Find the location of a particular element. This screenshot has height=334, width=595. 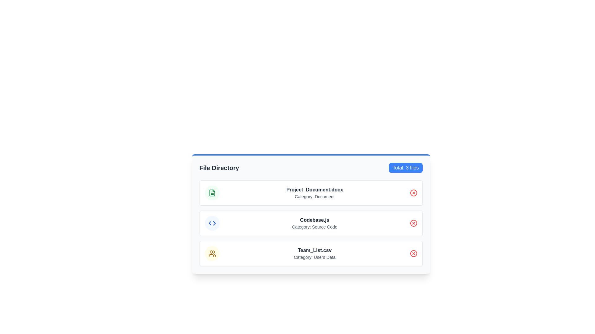

the delete button, which is red and has a cross symbol, associated with the file 'Project_Document.docx' to trigger a hover effect is located at coordinates (413, 193).